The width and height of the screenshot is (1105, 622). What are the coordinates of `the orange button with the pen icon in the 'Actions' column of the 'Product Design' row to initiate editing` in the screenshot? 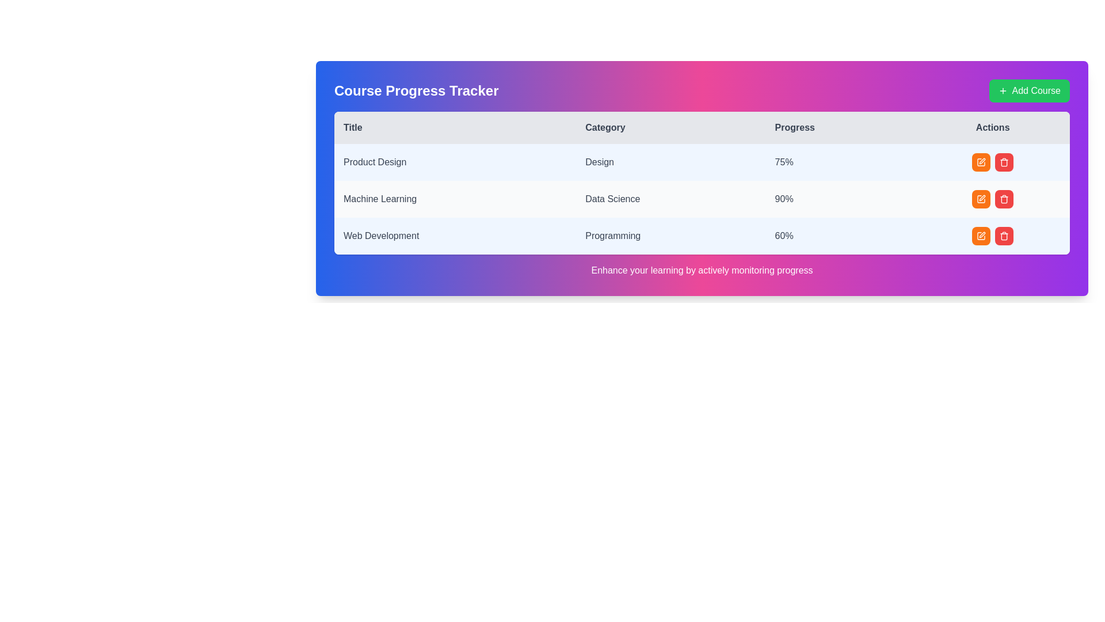 It's located at (992, 162).